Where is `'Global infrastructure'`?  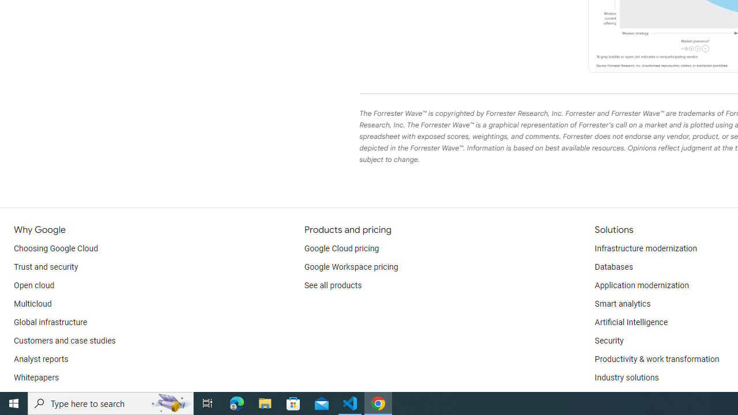
'Global infrastructure' is located at coordinates (50, 323).